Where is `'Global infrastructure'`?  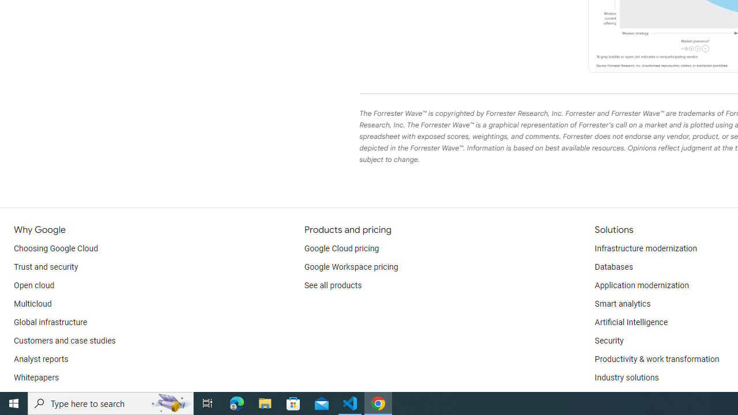
'Global infrastructure' is located at coordinates (50, 323).